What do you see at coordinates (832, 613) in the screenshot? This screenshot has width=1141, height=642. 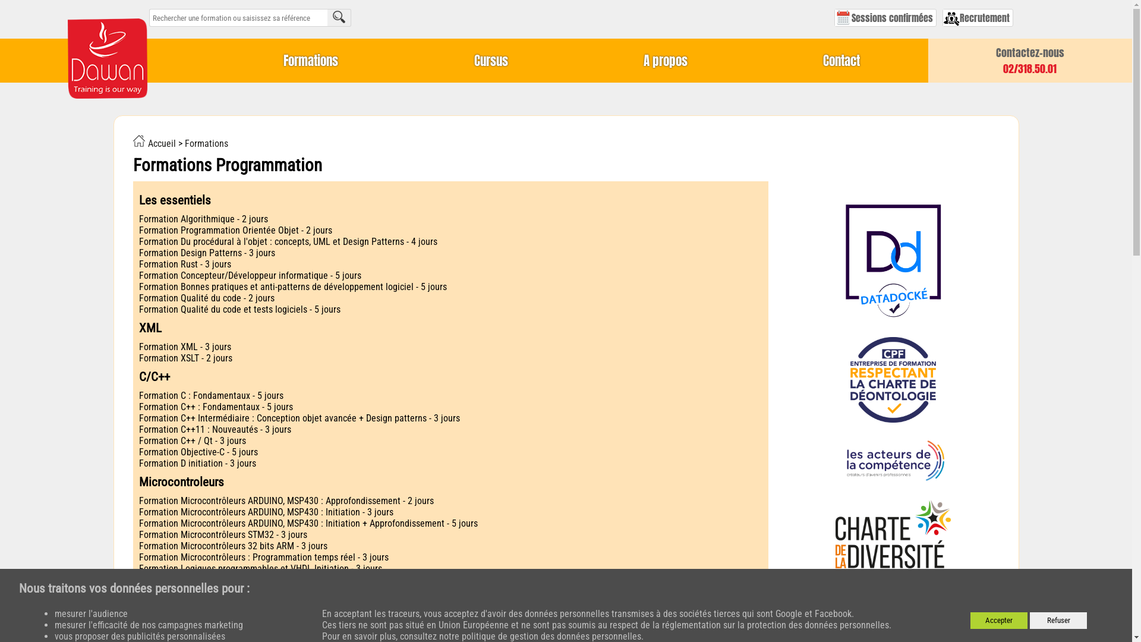 I see `'Facebook'` at bounding box center [832, 613].